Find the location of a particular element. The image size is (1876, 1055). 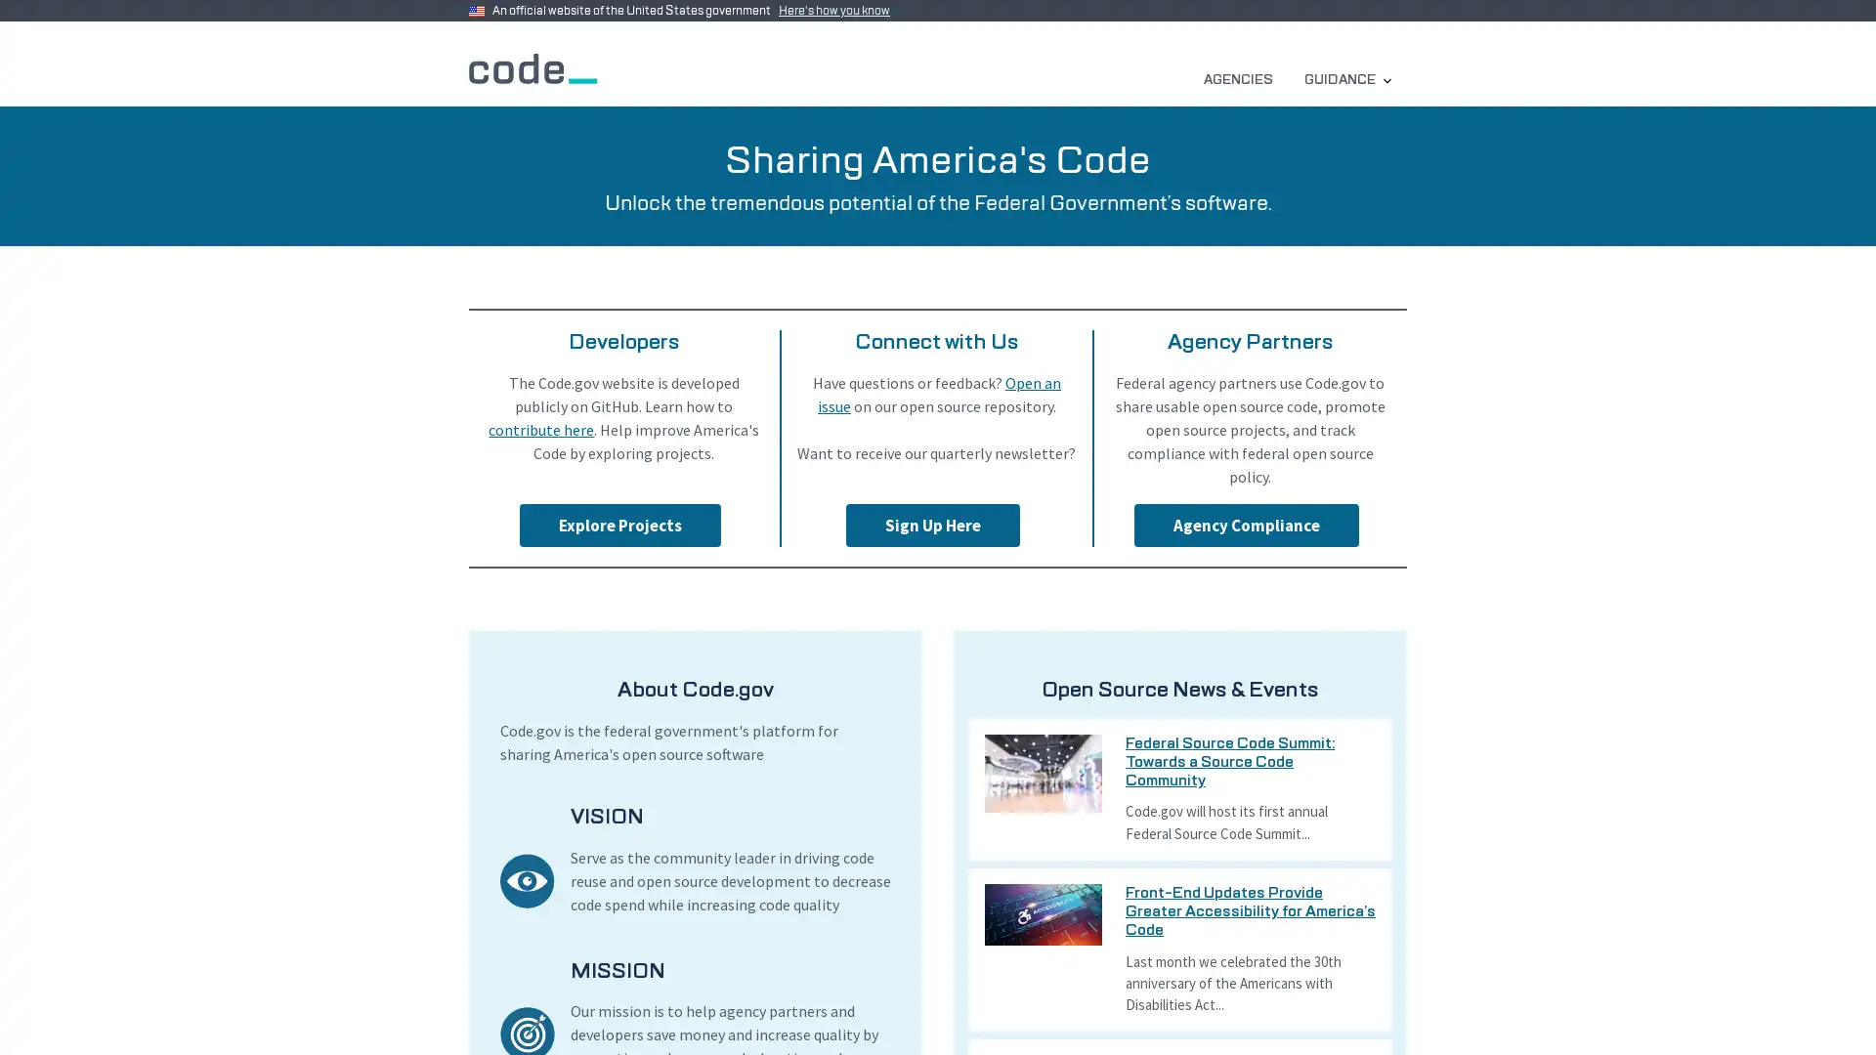

GUIDANCE is located at coordinates (1346, 78).